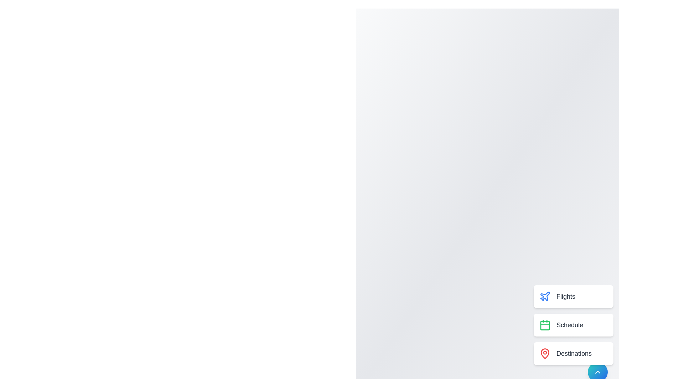 This screenshot has height=385, width=684. Describe the element at coordinates (598, 372) in the screenshot. I see `button at the bottom-right corner of the screen to toggle the Speed Dial menu` at that location.